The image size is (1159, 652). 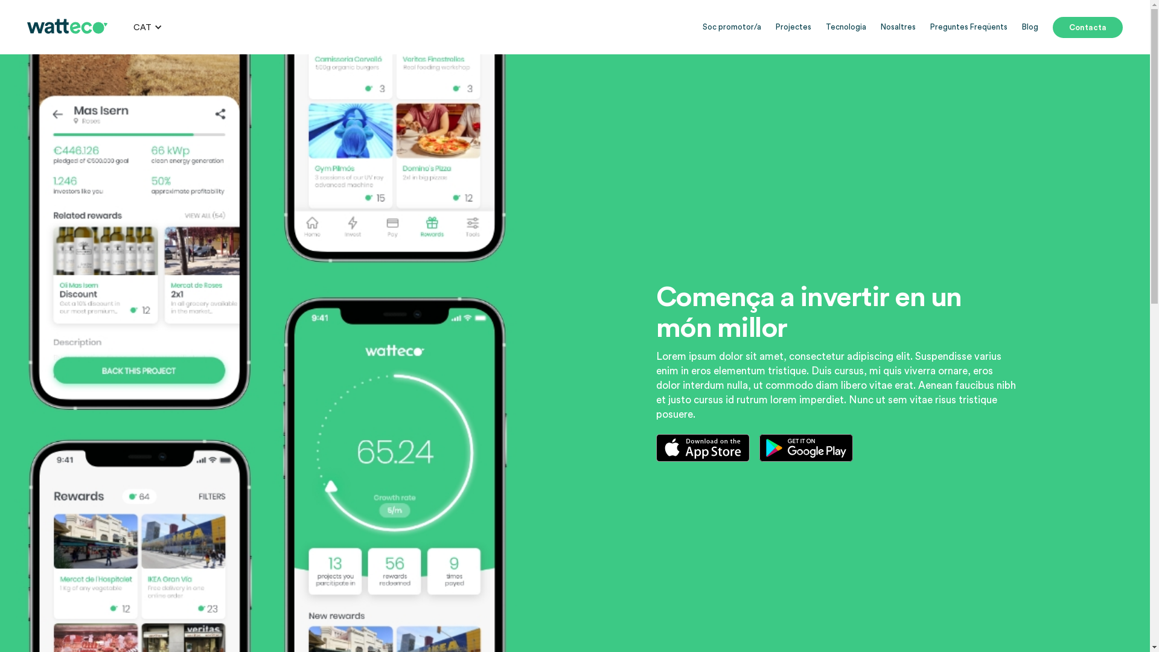 I want to click on 'Nosaltres', so click(x=881, y=27).